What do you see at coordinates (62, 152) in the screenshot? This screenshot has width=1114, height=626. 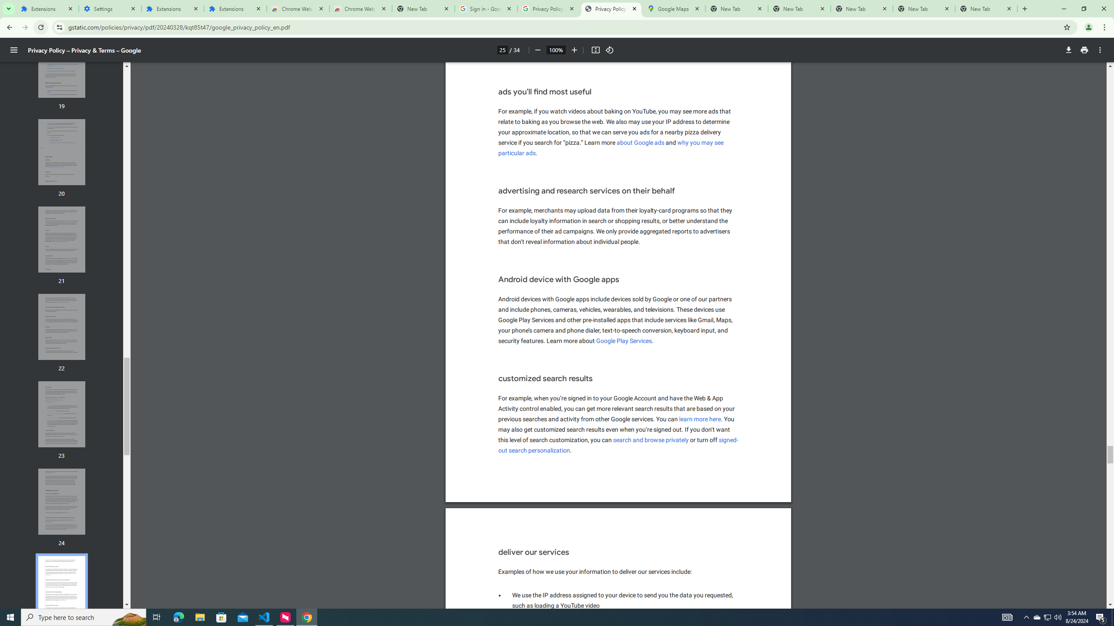 I see `'Thumbnail for page 20'` at bounding box center [62, 152].